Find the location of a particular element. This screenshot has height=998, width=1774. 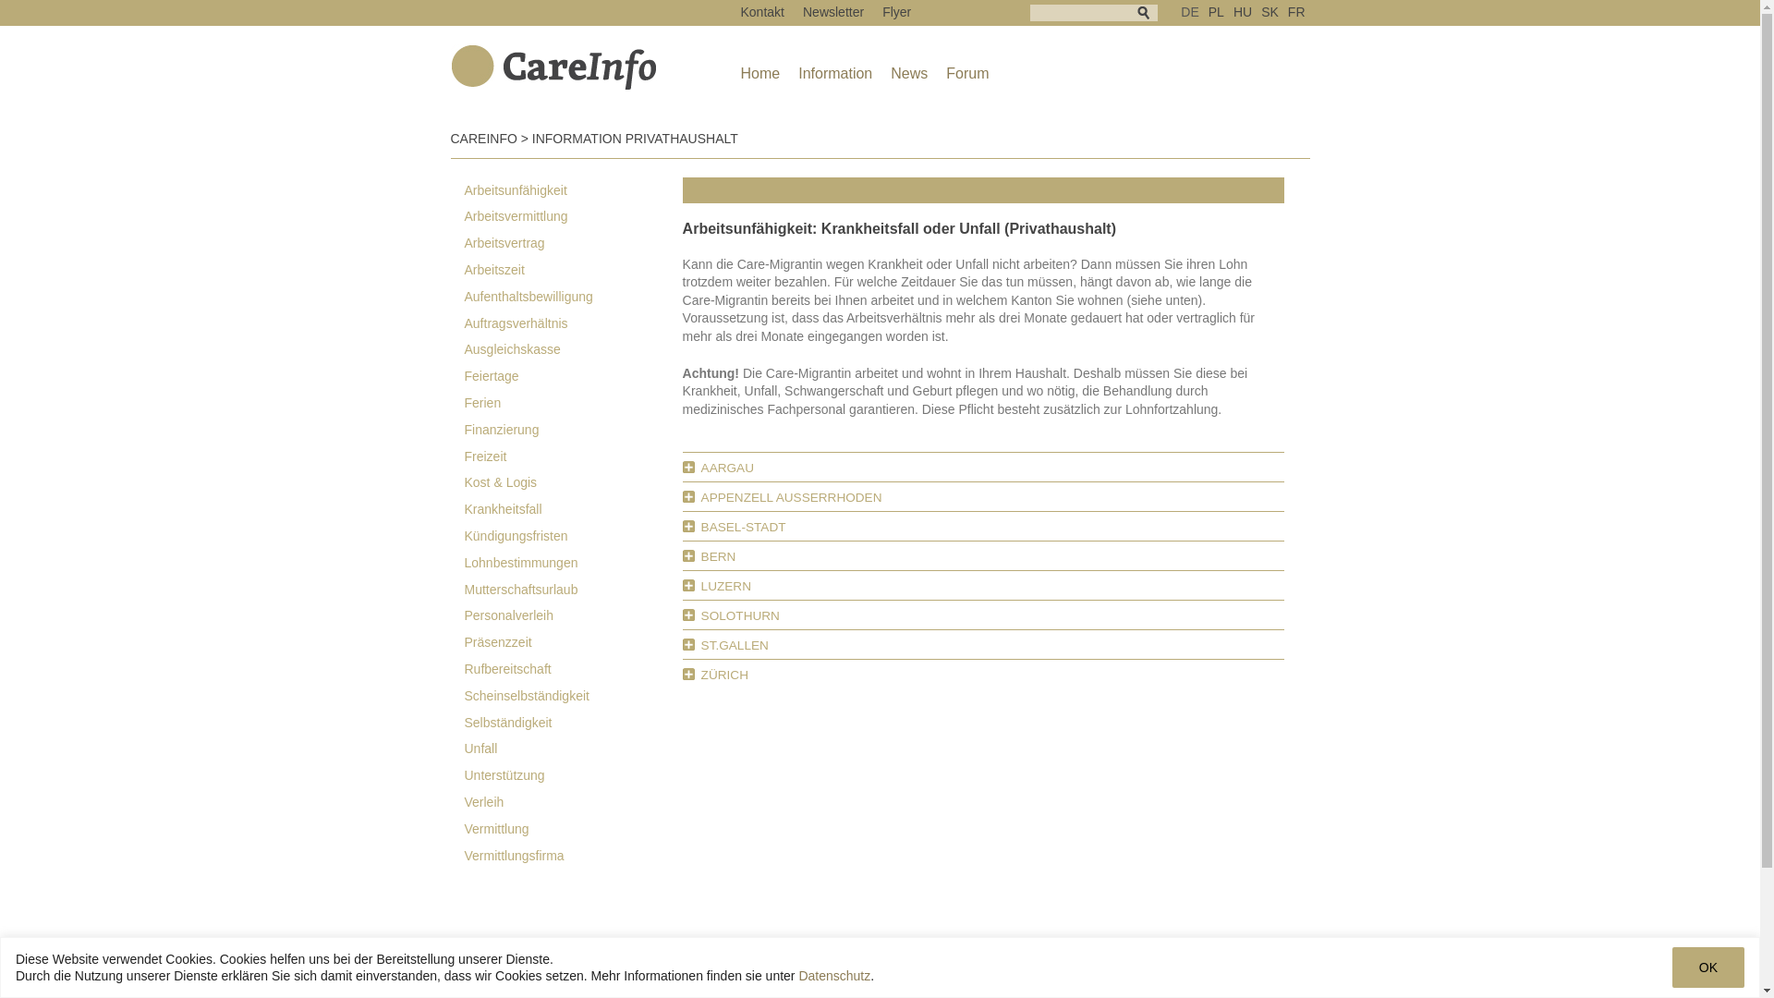

'Datenschutz' is located at coordinates (832, 975).